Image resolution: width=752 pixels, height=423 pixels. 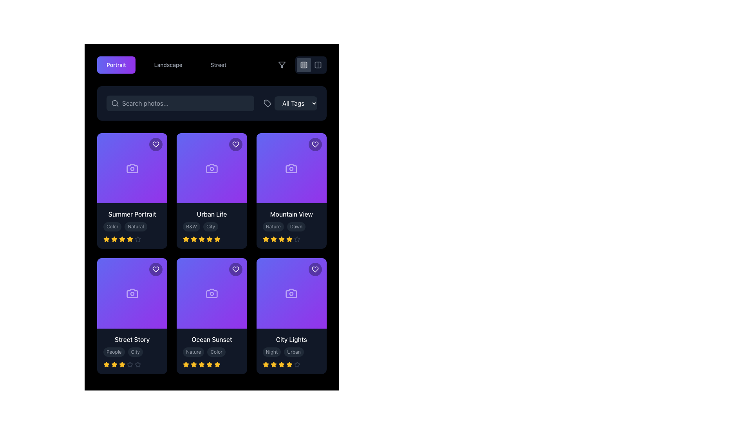 What do you see at coordinates (114, 103) in the screenshot?
I see `the decorative circular SVG shape representing the search functionality, located in the top bar of the interface within the 'Search photos...' input box` at bounding box center [114, 103].